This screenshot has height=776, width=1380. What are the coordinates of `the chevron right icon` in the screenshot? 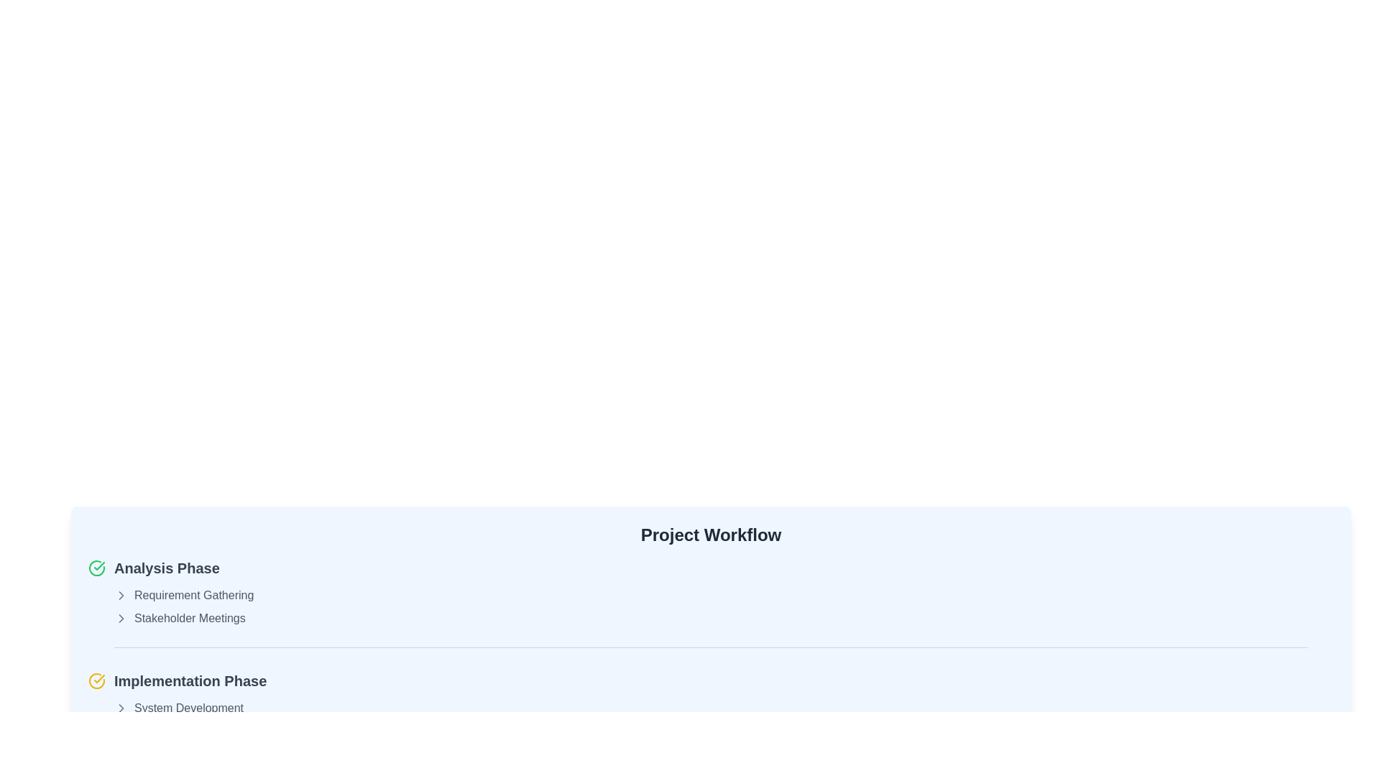 It's located at (121, 617).